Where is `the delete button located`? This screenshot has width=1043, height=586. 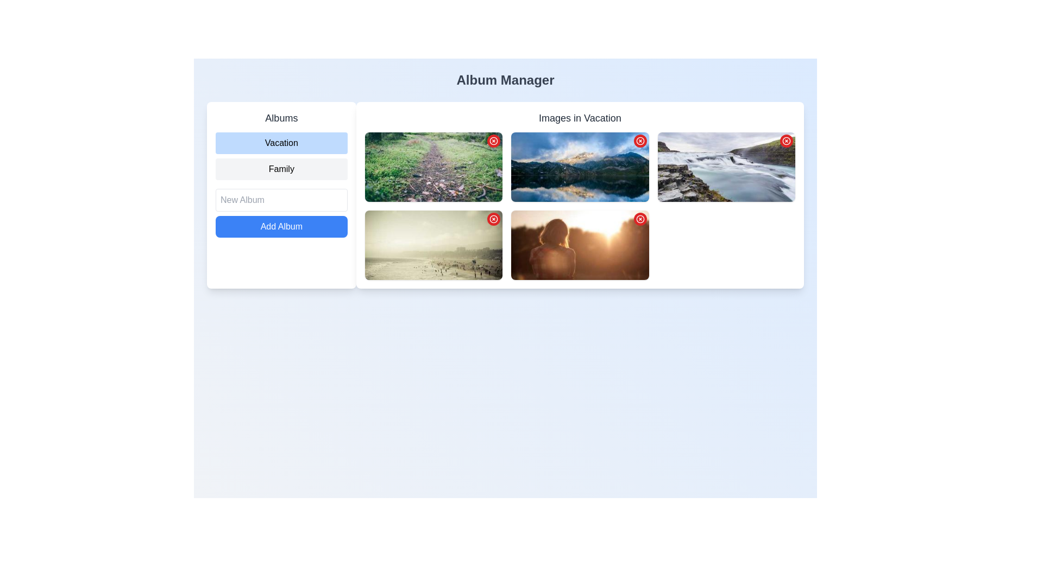
the delete button located is located at coordinates (639, 219).